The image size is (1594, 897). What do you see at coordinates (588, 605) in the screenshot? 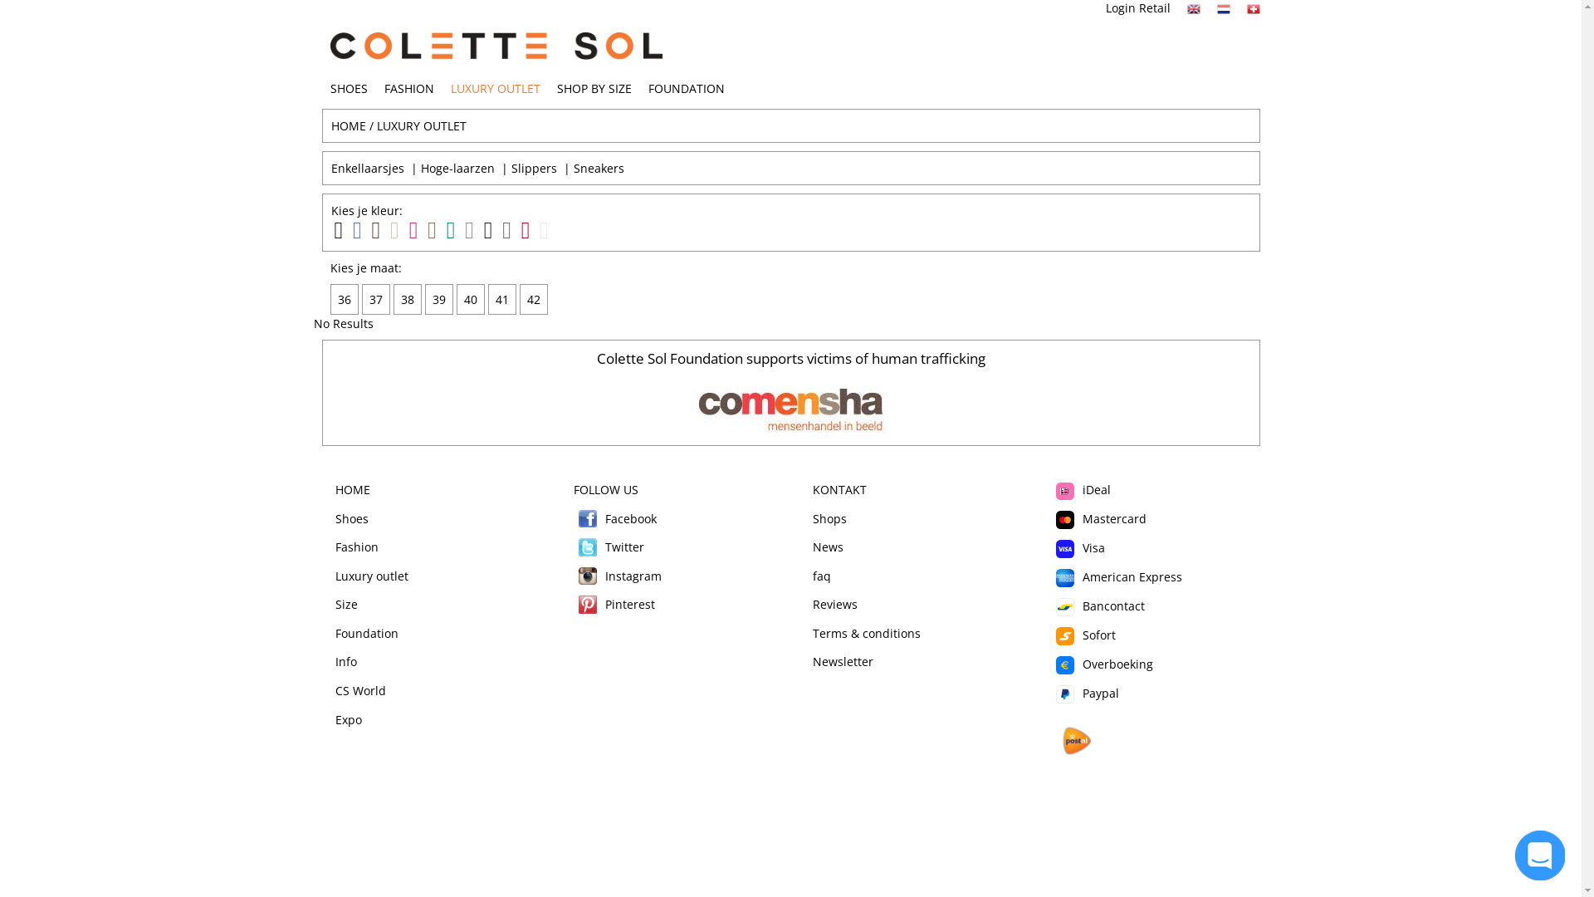
I see `'Pinterest'` at bounding box center [588, 605].